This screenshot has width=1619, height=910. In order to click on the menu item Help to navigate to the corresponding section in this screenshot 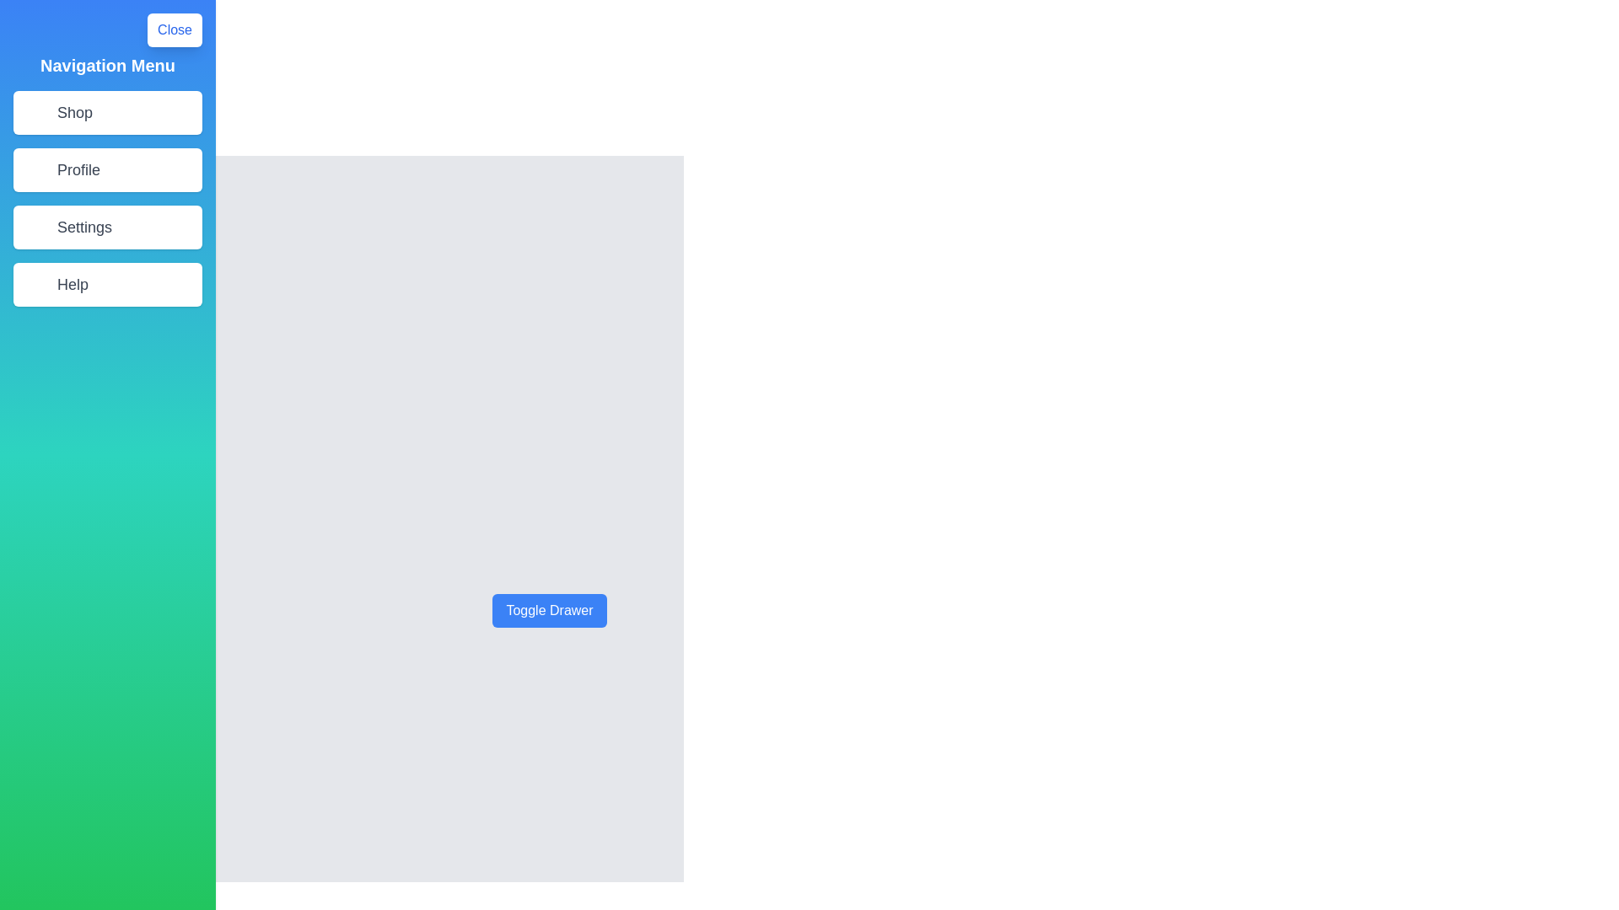, I will do `click(107, 284)`.